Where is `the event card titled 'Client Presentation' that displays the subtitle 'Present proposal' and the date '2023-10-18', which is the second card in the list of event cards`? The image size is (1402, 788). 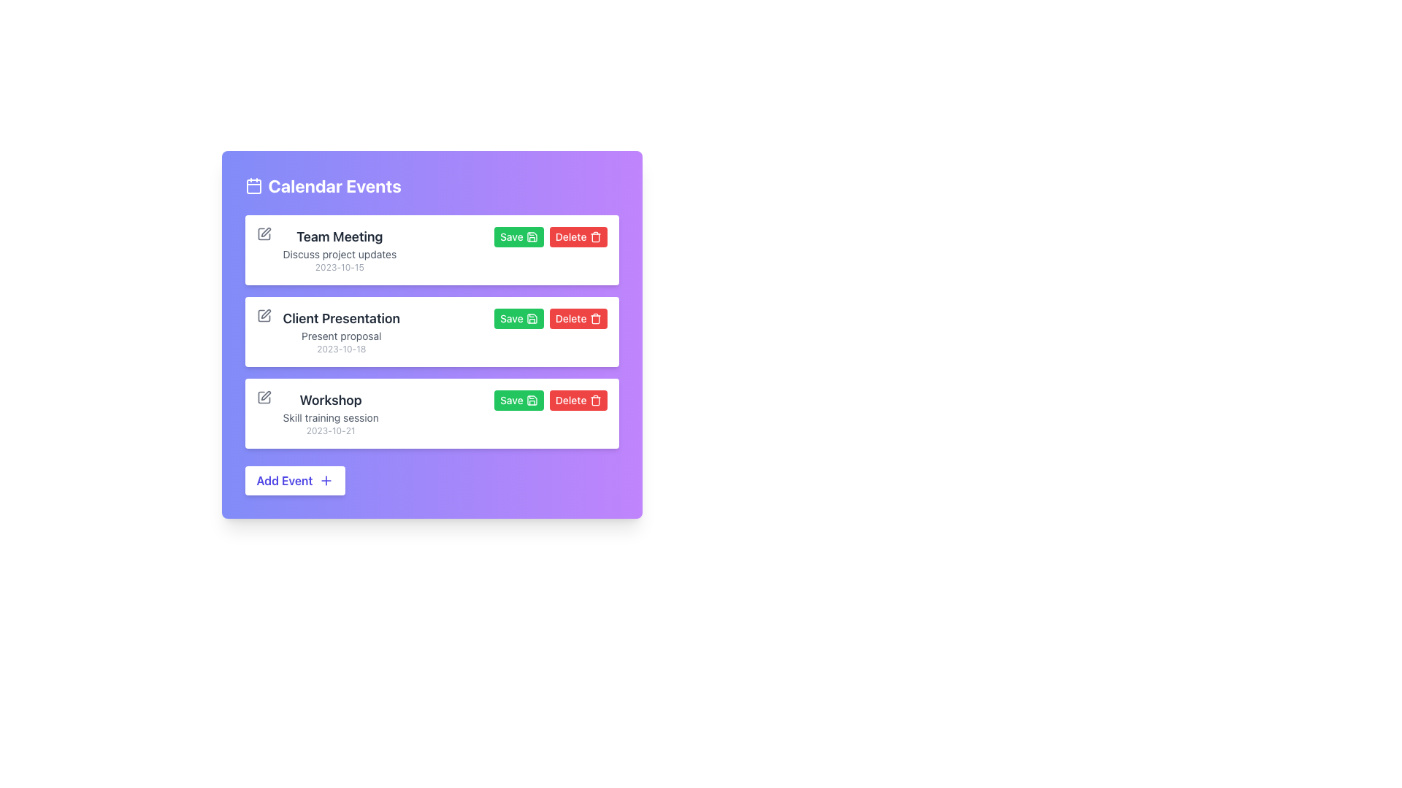
the event card titled 'Client Presentation' that displays the subtitle 'Present proposal' and the date '2023-10-18', which is the second card in the list of event cards is located at coordinates (431, 332).